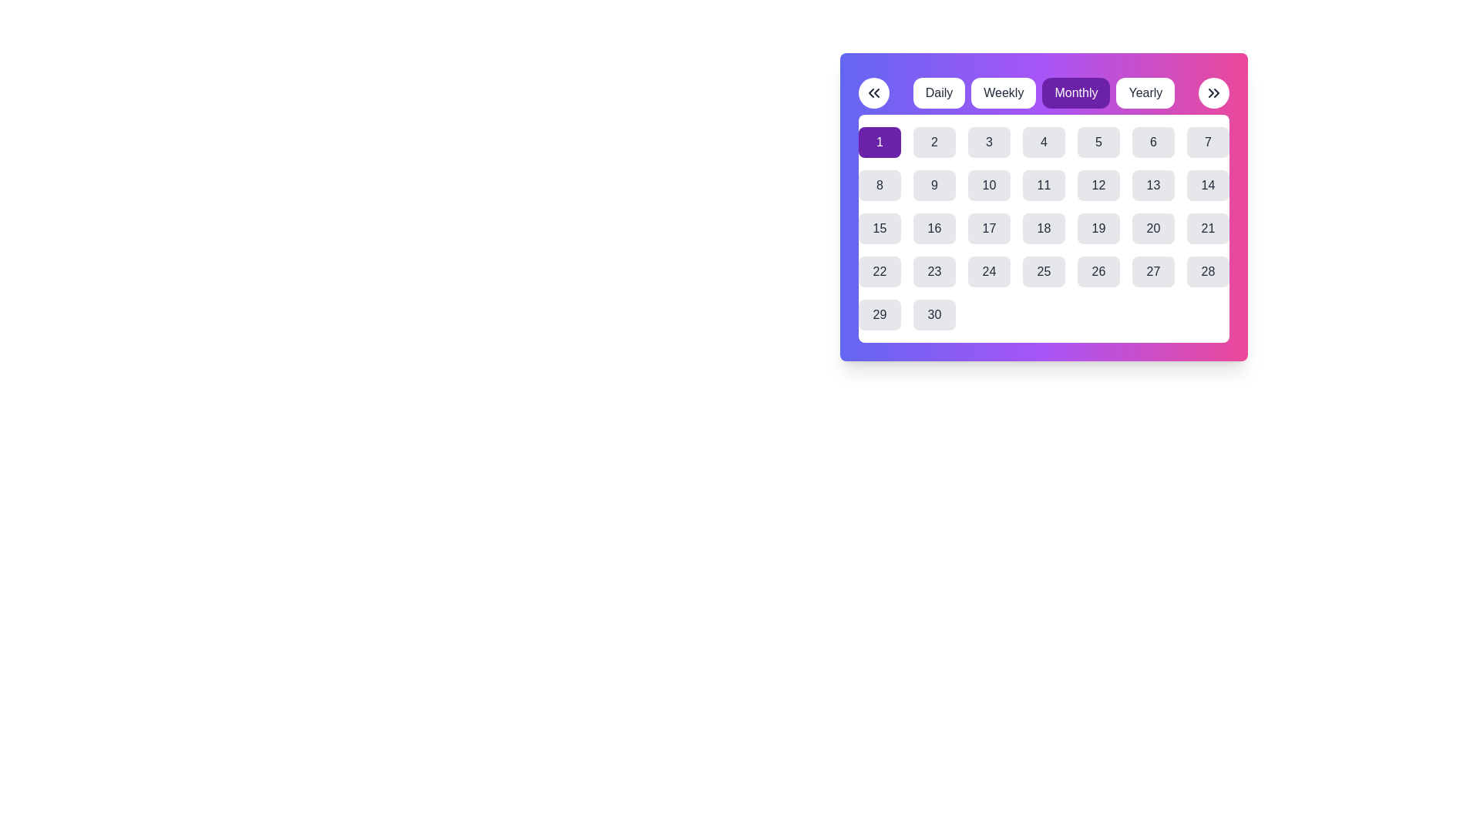  Describe the element at coordinates (1044, 229) in the screenshot. I see `the calendar date button representing the 18th day of the month` at that location.